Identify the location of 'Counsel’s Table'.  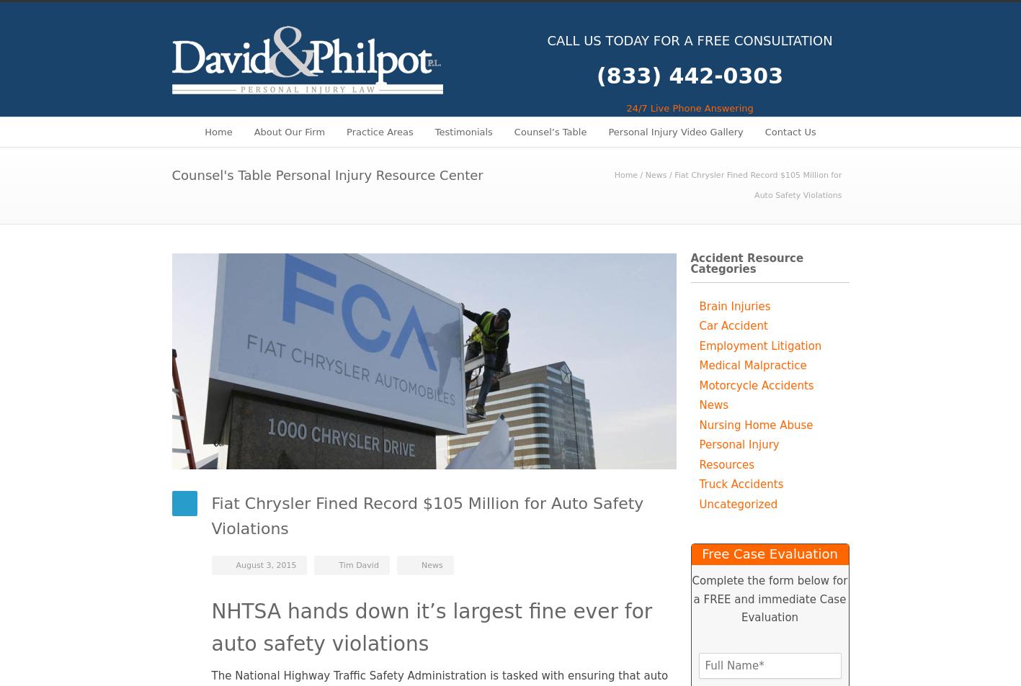
(549, 130).